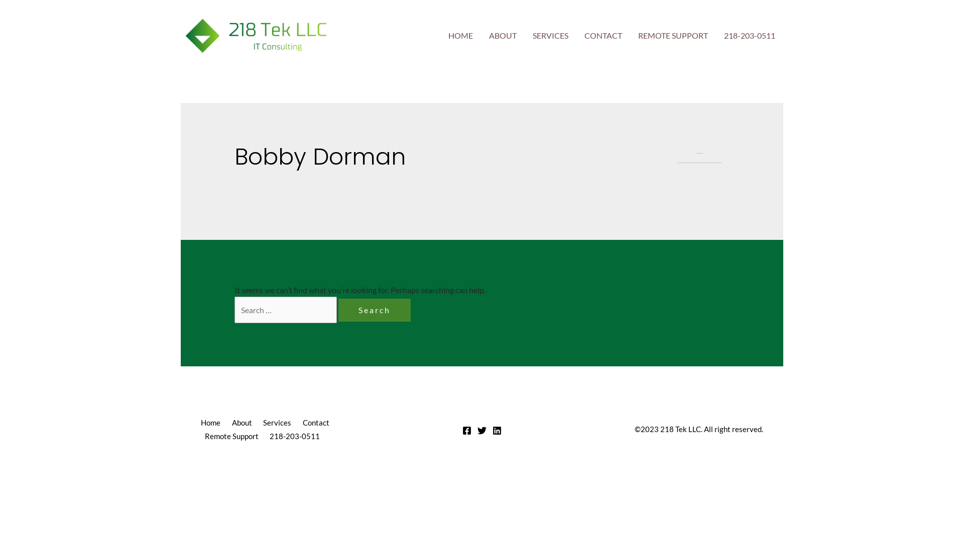 This screenshot has height=542, width=964. Describe the element at coordinates (715, 34) in the screenshot. I see `'218-203-0511'` at that location.